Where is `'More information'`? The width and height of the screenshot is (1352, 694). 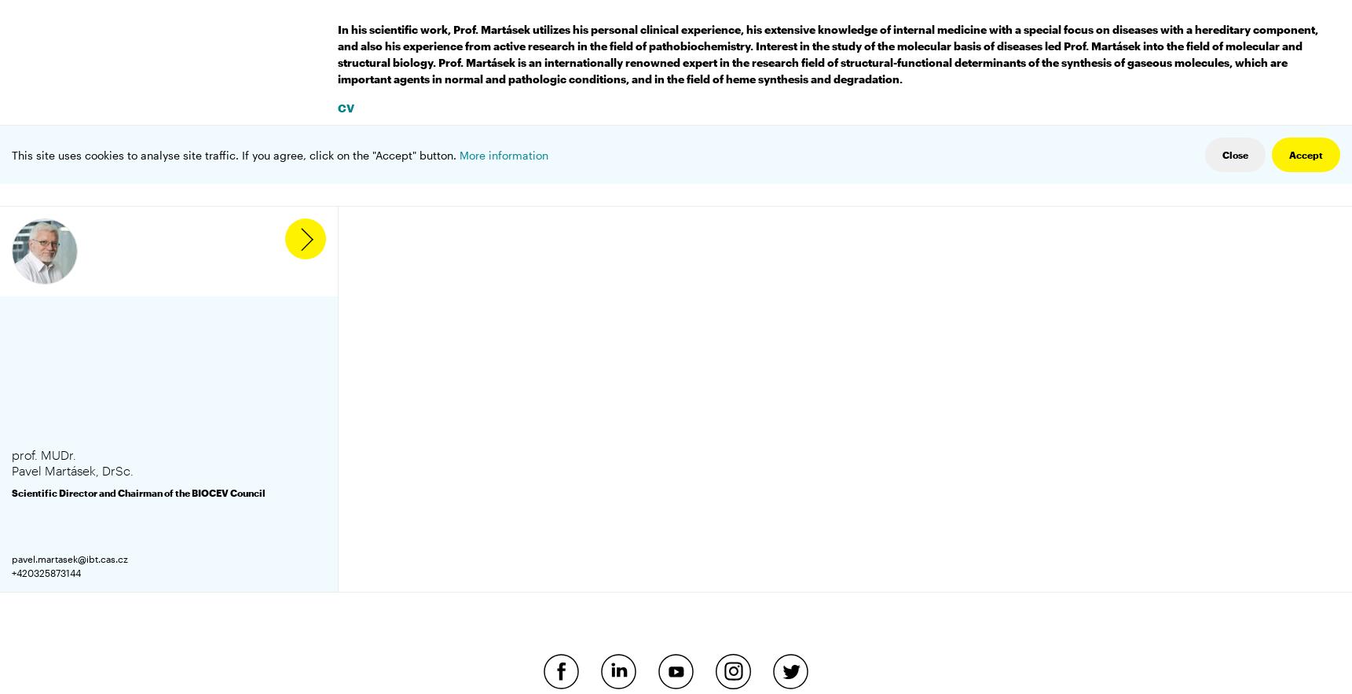 'More information' is located at coordinates (504, 153).